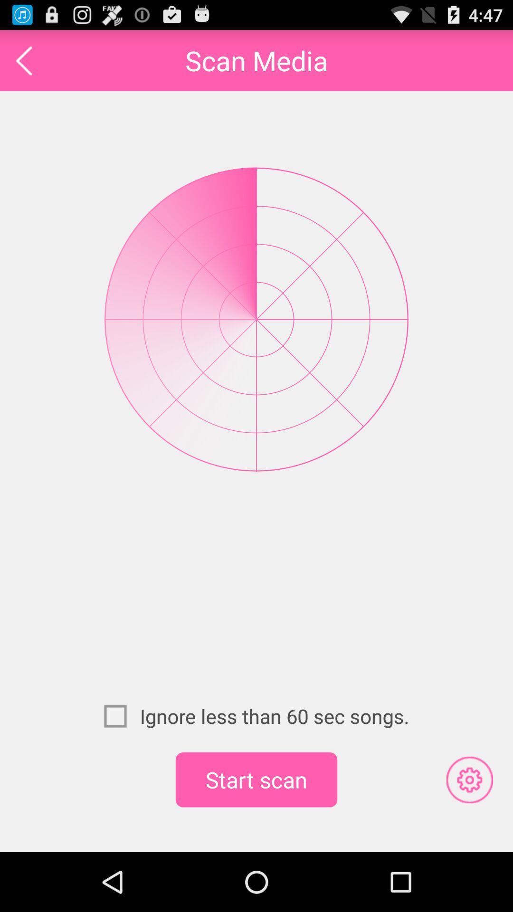  I want to click on item to the left of ignore less than icon, so click(121, 716).